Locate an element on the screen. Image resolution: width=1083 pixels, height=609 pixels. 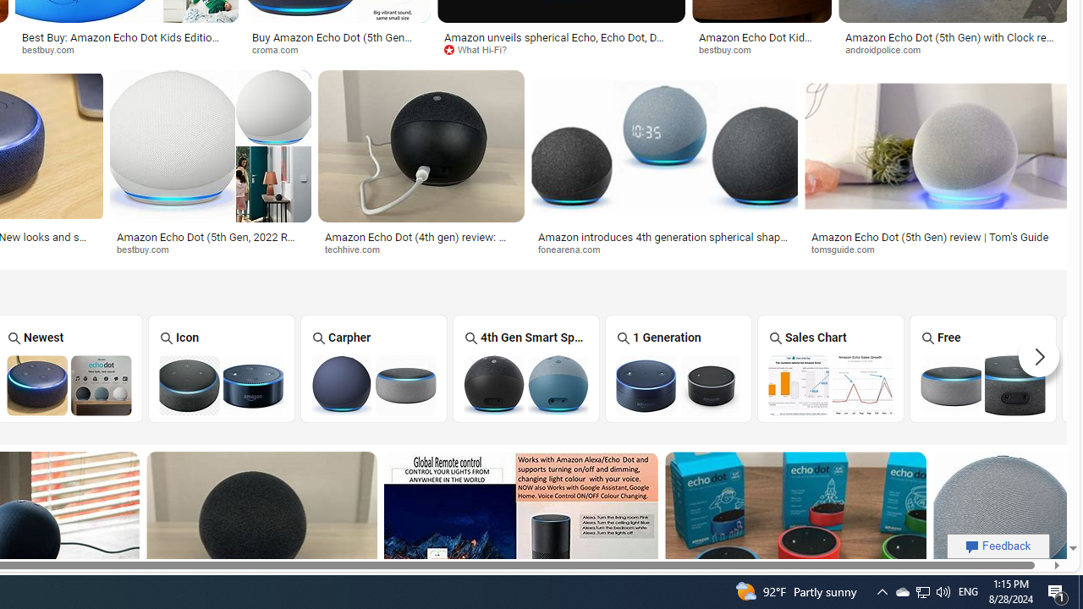
'fonearena.com' is located at coordinates (575, 249).